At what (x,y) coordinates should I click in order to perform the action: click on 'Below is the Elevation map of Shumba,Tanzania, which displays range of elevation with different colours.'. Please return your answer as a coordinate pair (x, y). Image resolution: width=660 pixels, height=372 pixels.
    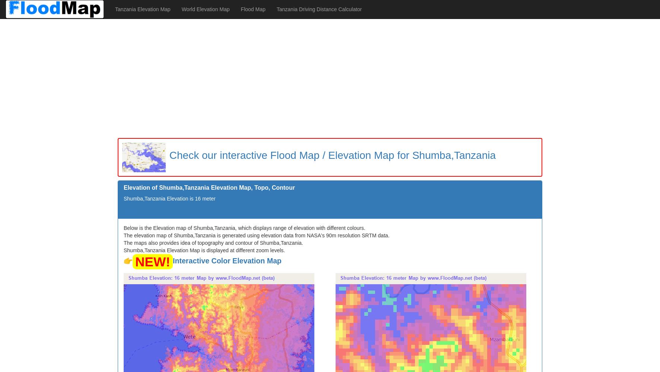
    Looking at the image, I should click on (244, 227).